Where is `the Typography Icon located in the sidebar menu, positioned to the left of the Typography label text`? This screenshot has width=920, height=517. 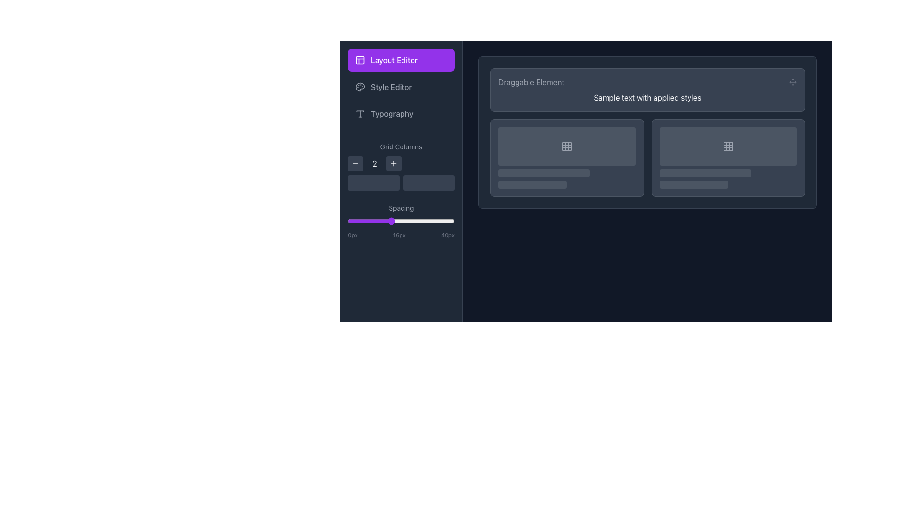
the Typography Icon located in the sidebar menu, positioned to the left of the Typography label text is located at coordinates (360, 113).